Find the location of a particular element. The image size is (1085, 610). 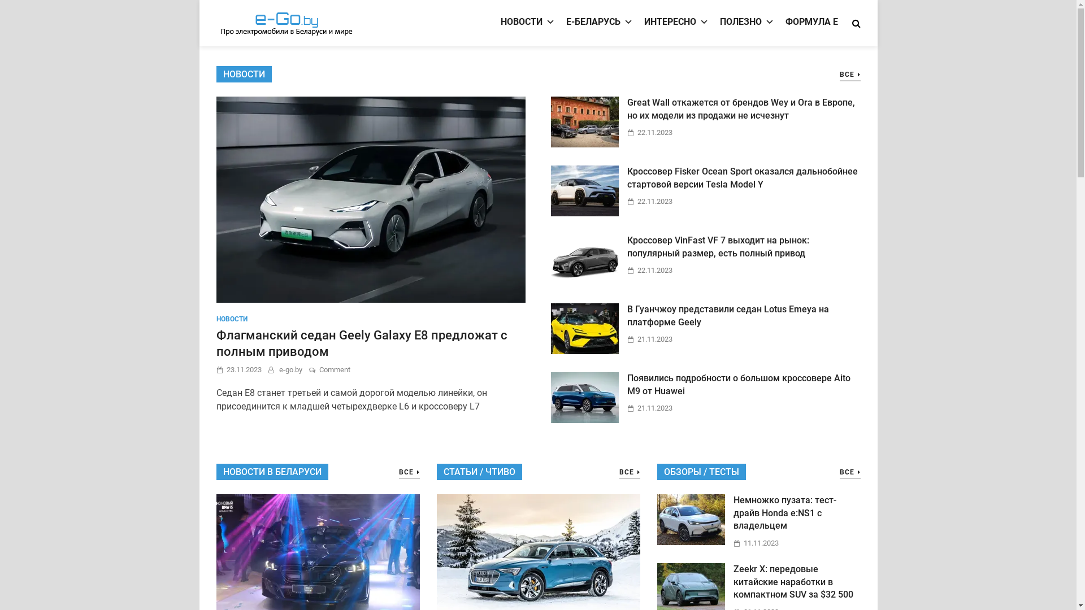

'e-go.by' is located at coordinates (290, 369).